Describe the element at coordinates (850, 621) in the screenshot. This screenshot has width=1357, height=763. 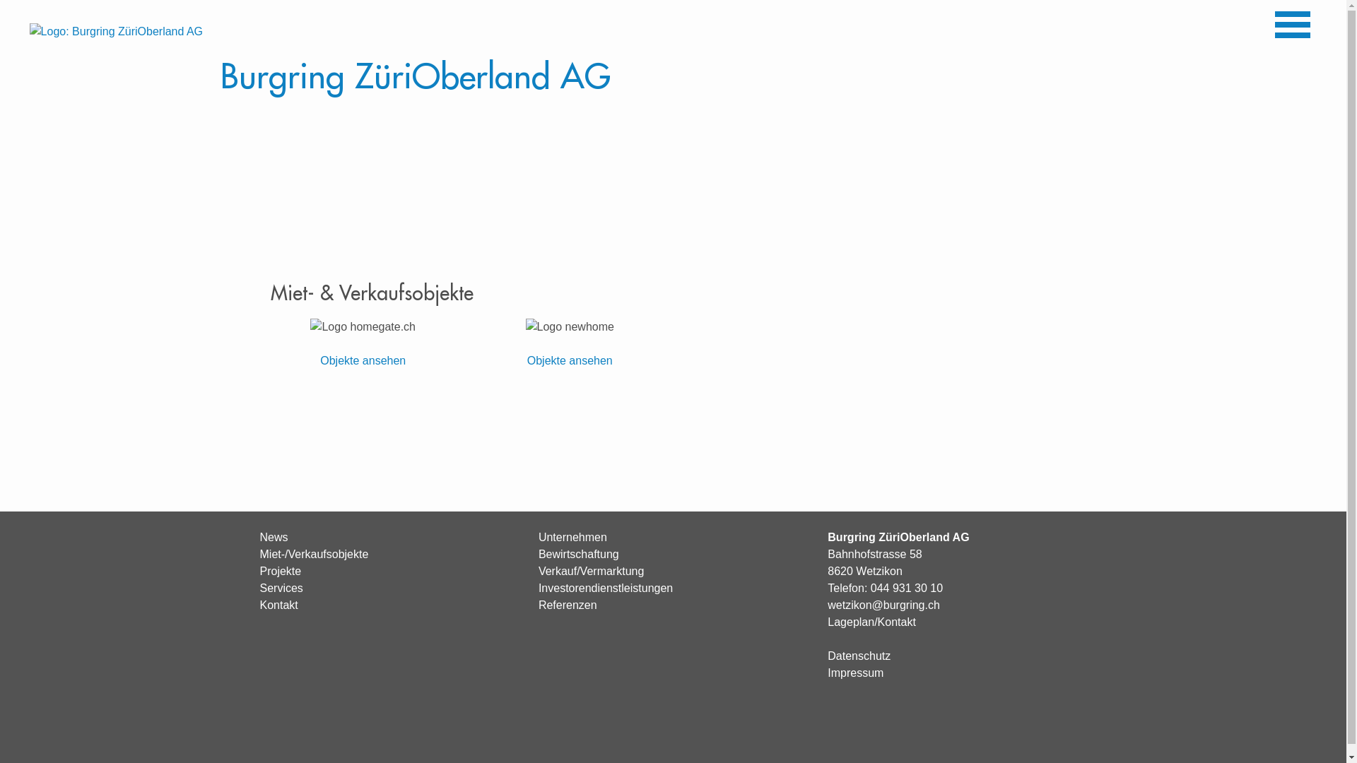
I see `'Lageplan'` at that location.